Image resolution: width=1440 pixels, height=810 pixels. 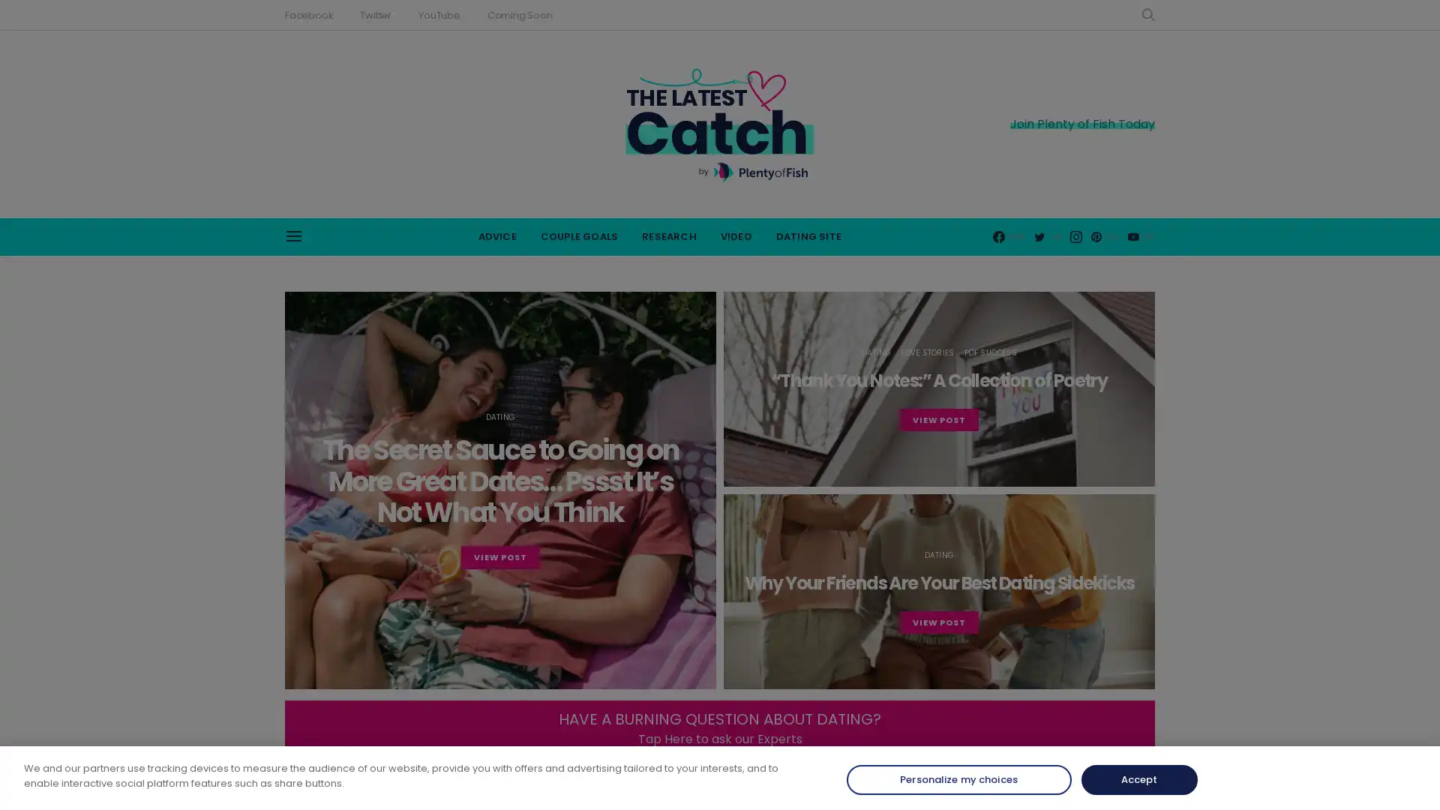 I want to click on Personalize my choices, so click(x=957, y=779).